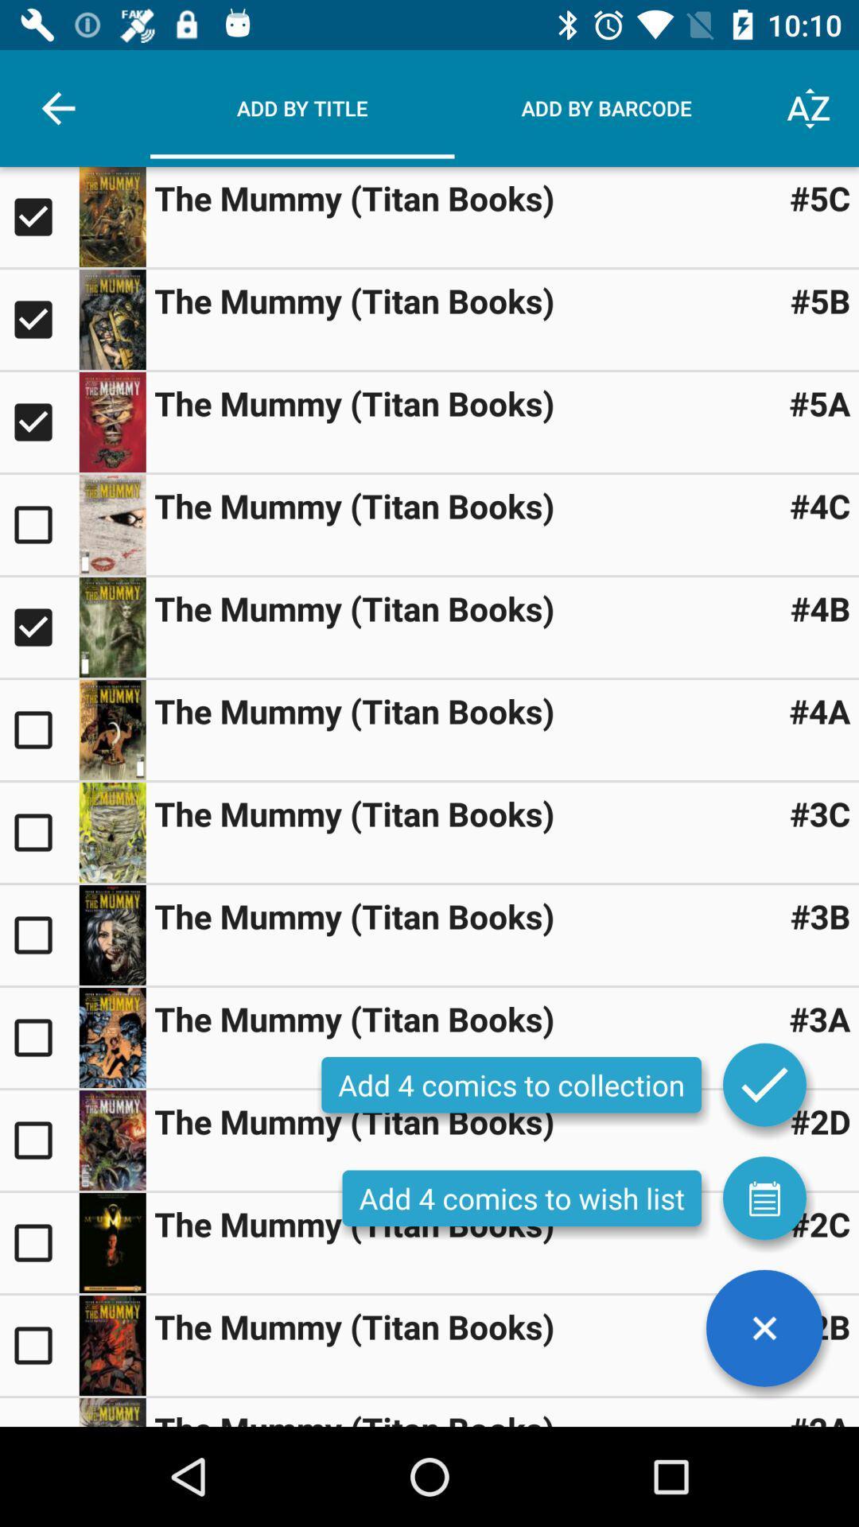 Image resolution: width=859 pixels, height=1527 pixels. What do you see at coordinates (820, 504) in the screenshot?
I see `the #4c icon` at bounding box center [820, 504].